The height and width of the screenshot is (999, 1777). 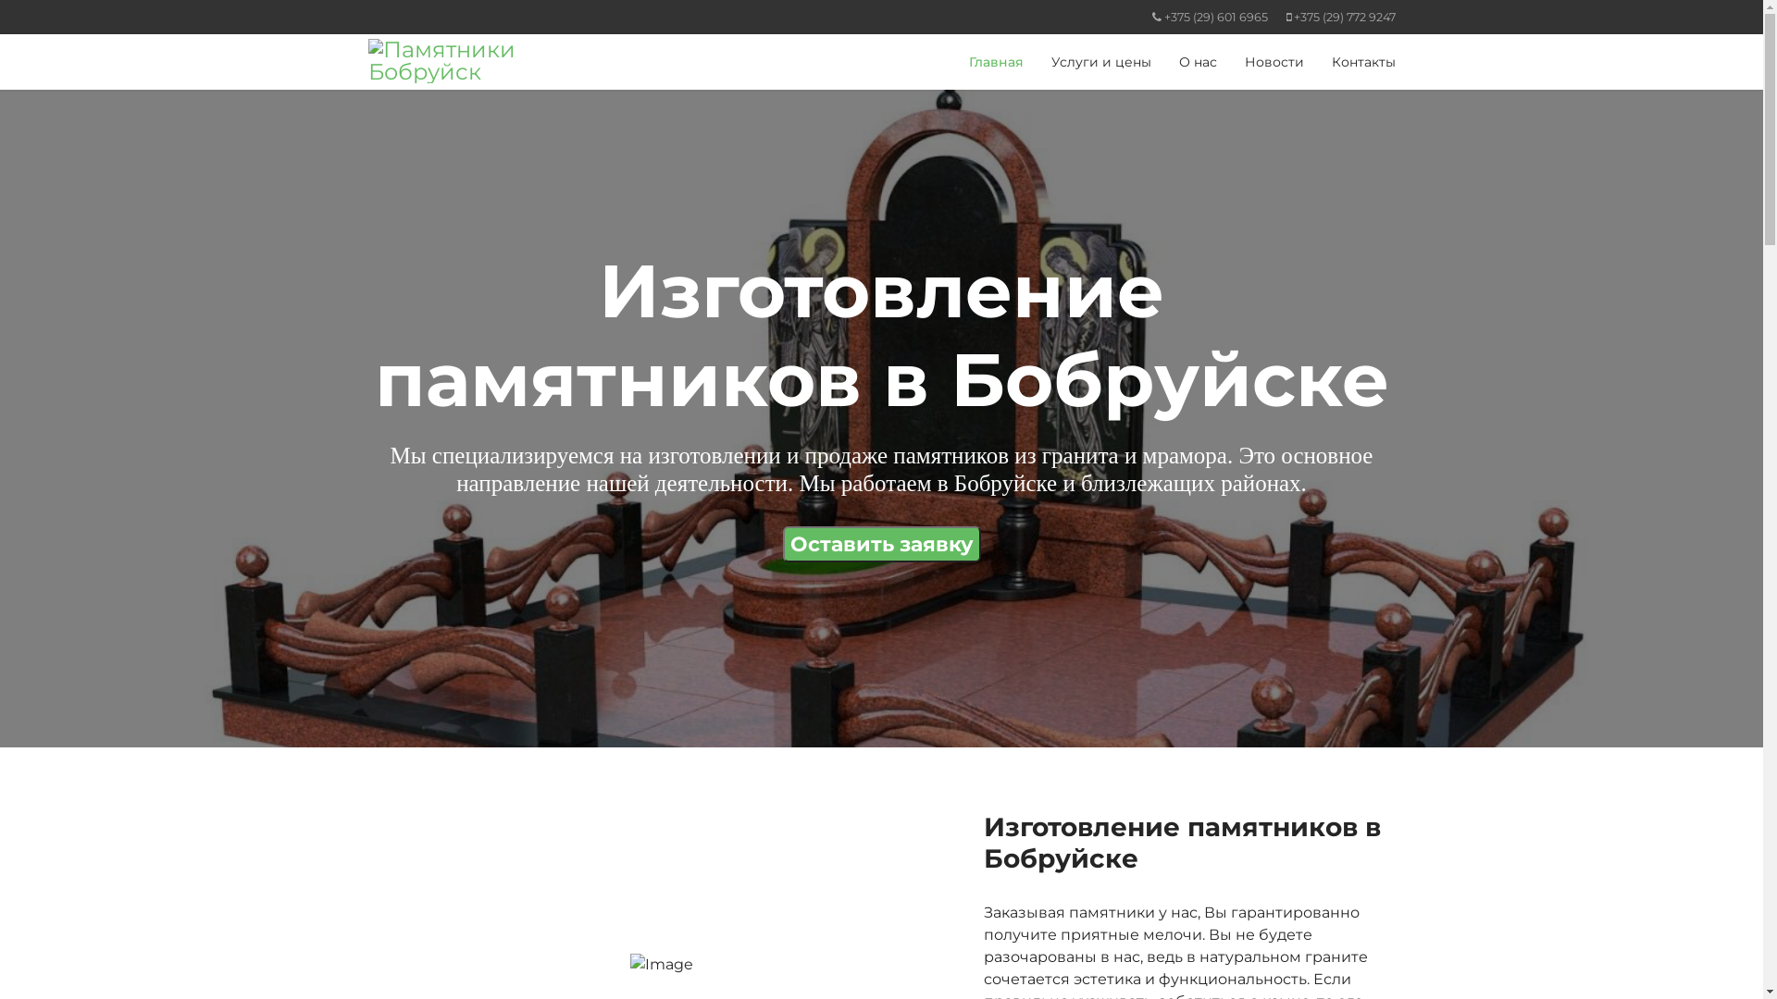 I want to click on '+375 (29) 772 9247', so click(x=1345, y=17).